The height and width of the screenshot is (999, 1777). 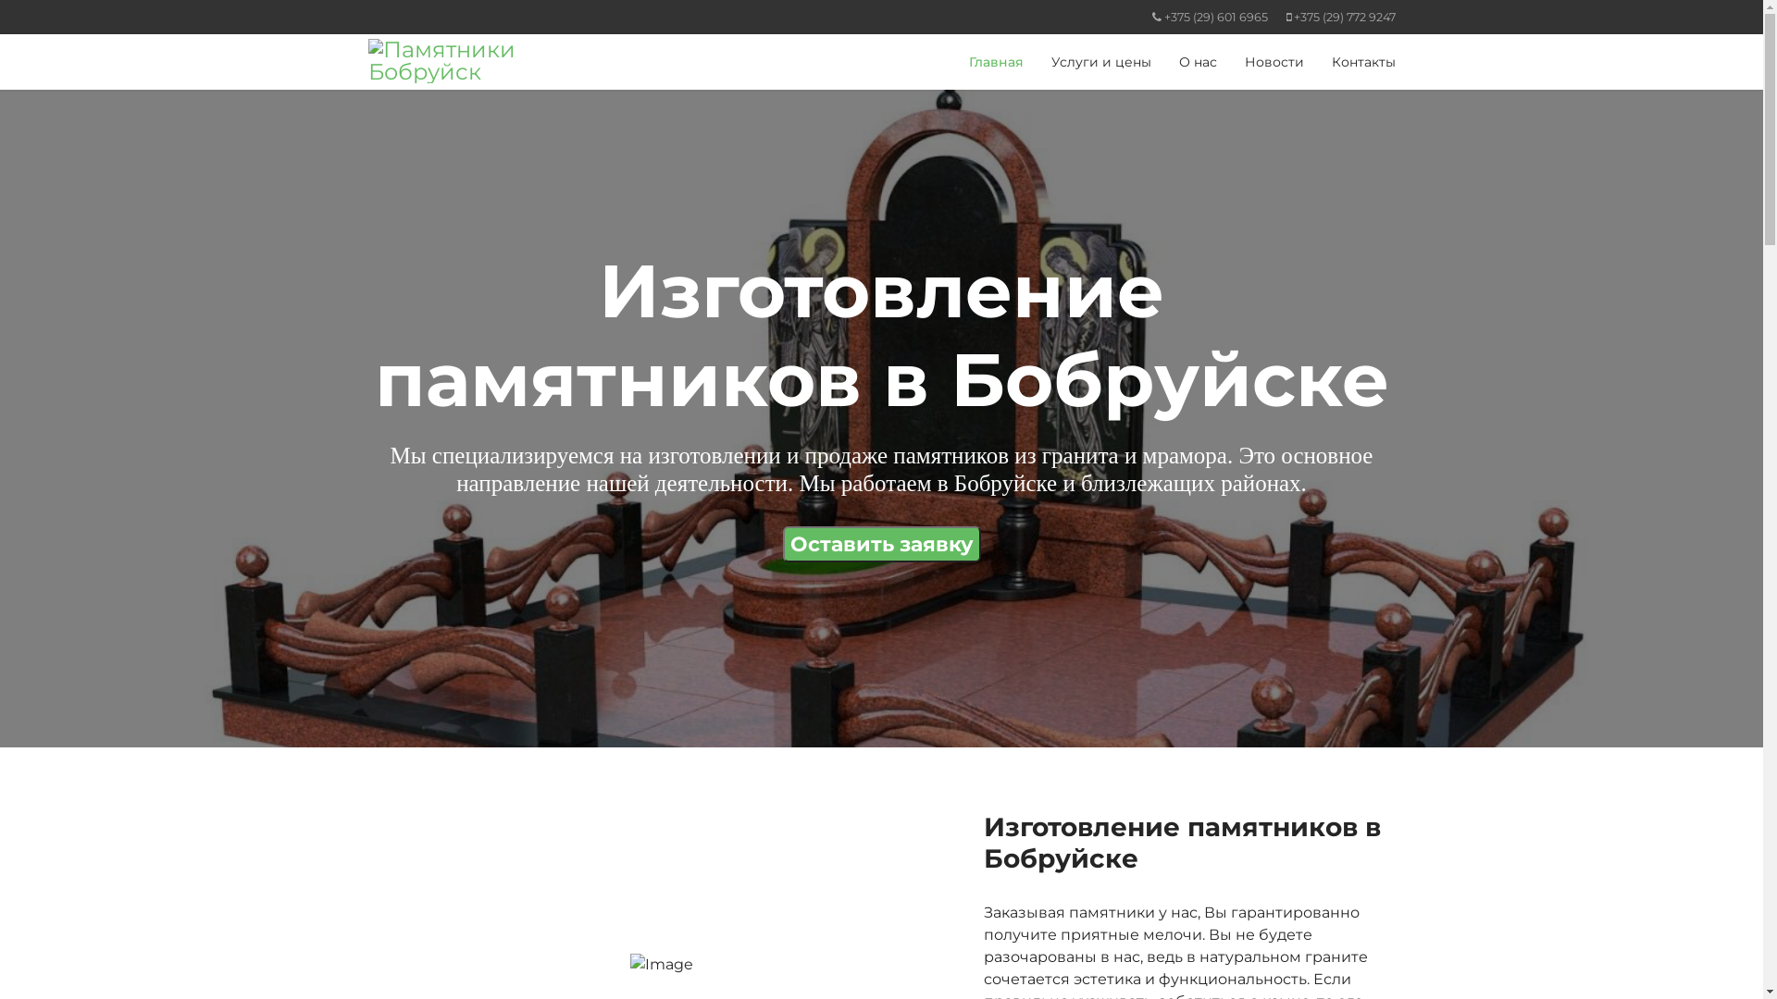 I want to click on '+375 (29) 772 9247', so click(x=1345, y=17).